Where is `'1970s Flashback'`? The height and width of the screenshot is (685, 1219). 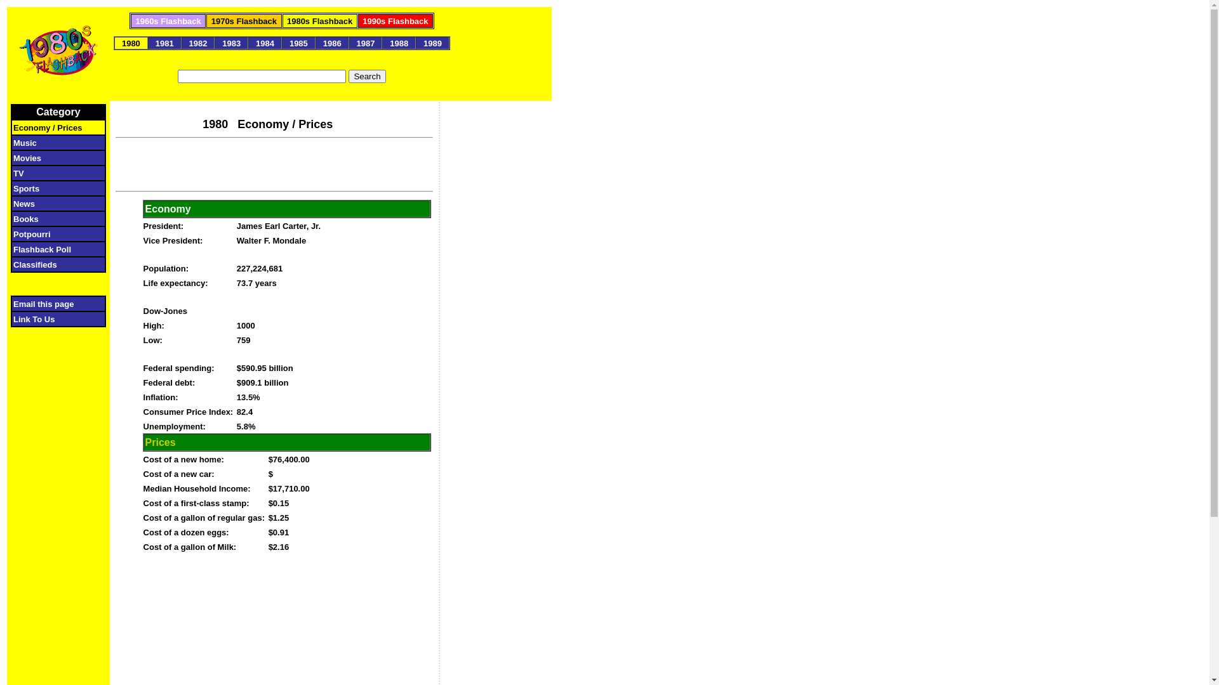 '1970s Flashback' is located at coordinates (244, 20).